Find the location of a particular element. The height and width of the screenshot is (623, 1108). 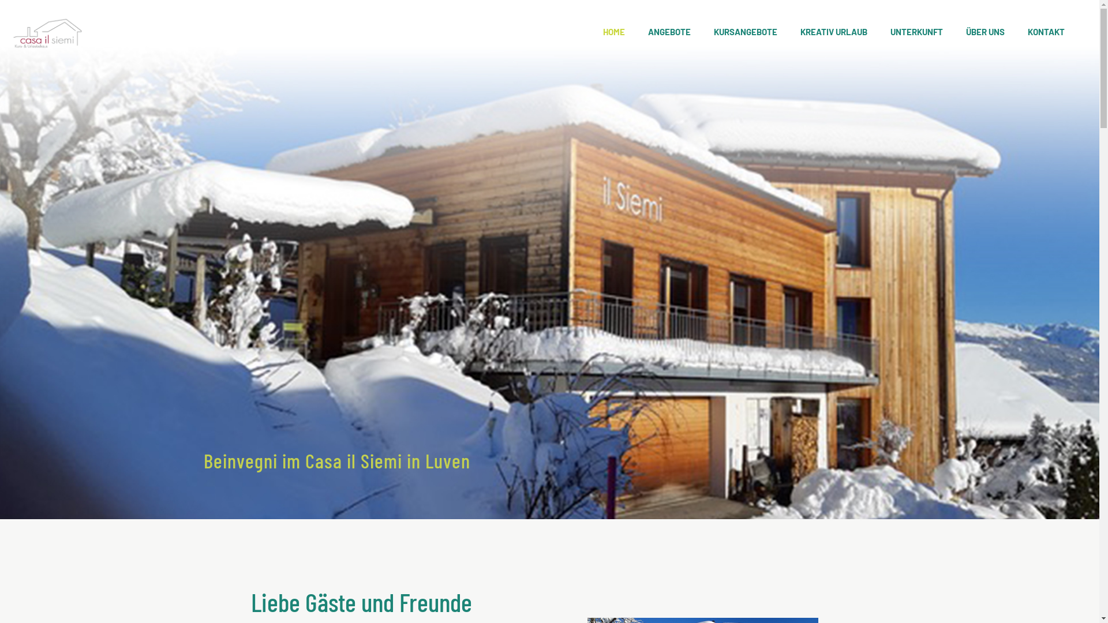

'casailsiemi' is located at coordinates (46, 31).